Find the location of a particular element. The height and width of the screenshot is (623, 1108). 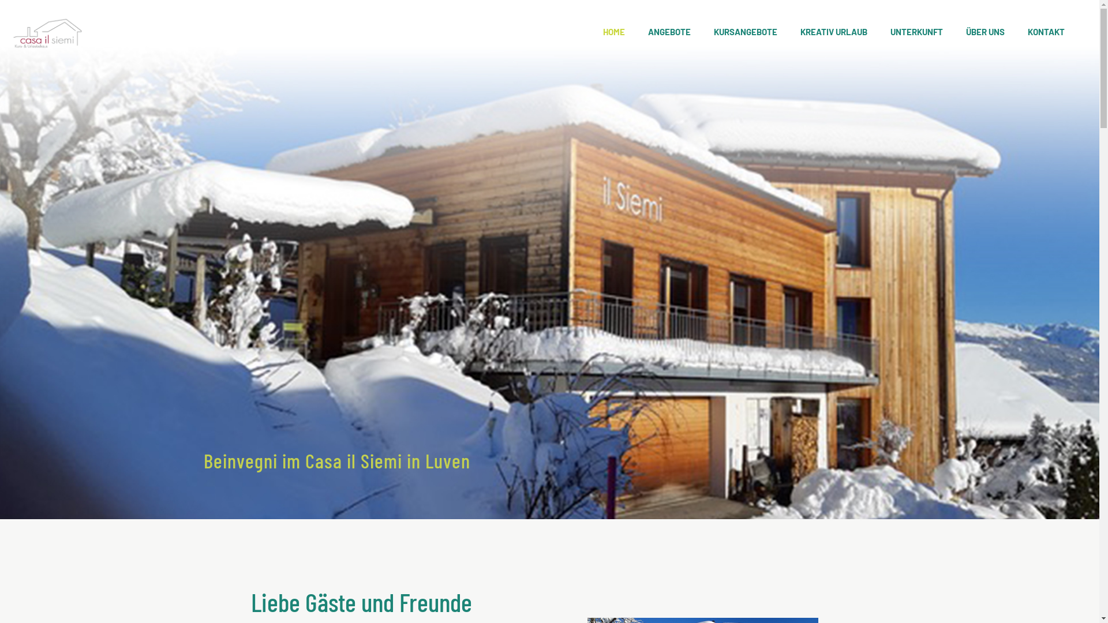

'casailsiemi' is located at coordinates (46, 31).